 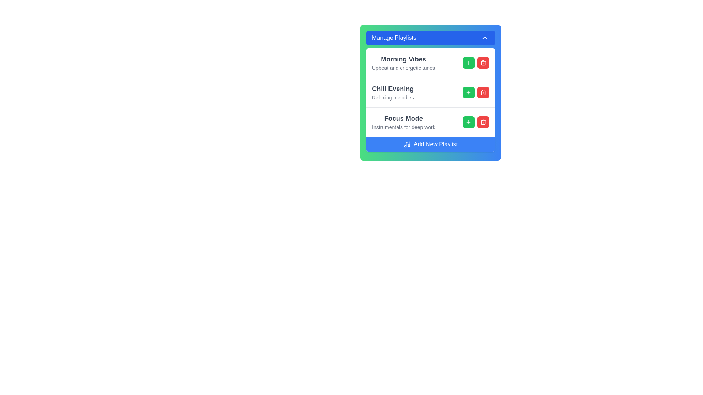 What do you see at coordinates (483, 63) in the screenshot?
I see `the delete button located on the right-hand side of the button arrangement, which is the second button` at bounding box center [483, 63].